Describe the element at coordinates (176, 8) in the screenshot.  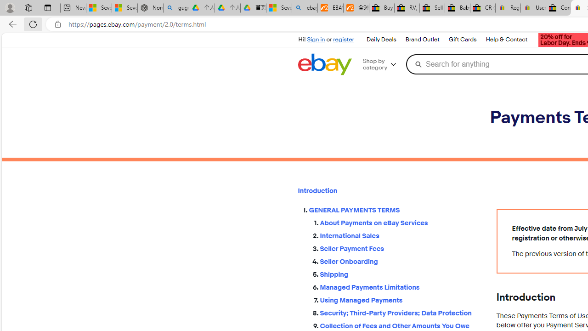
I see `'guge yunpan - Search'` at that location.